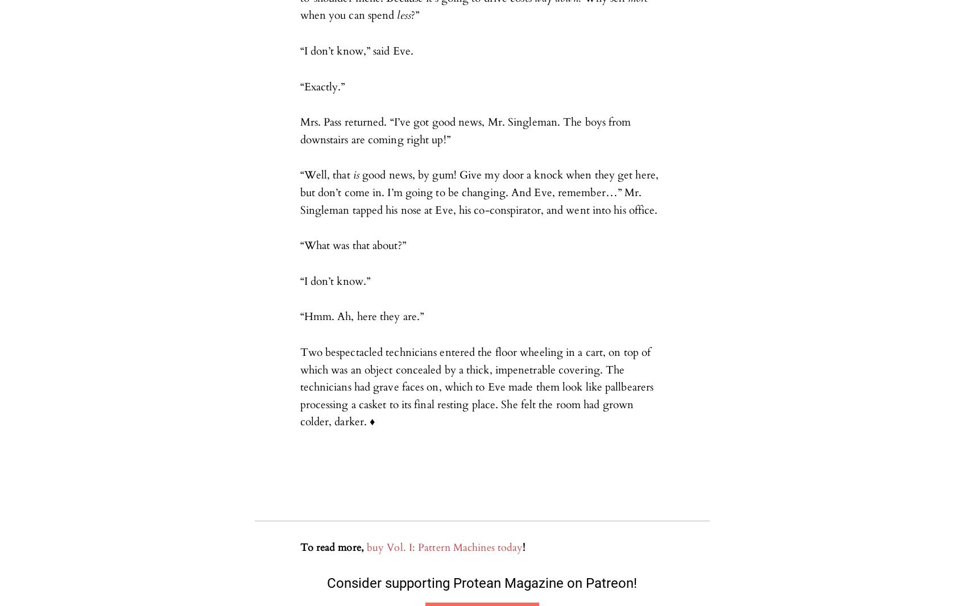  I want to click on 'less', so click(404, 15).